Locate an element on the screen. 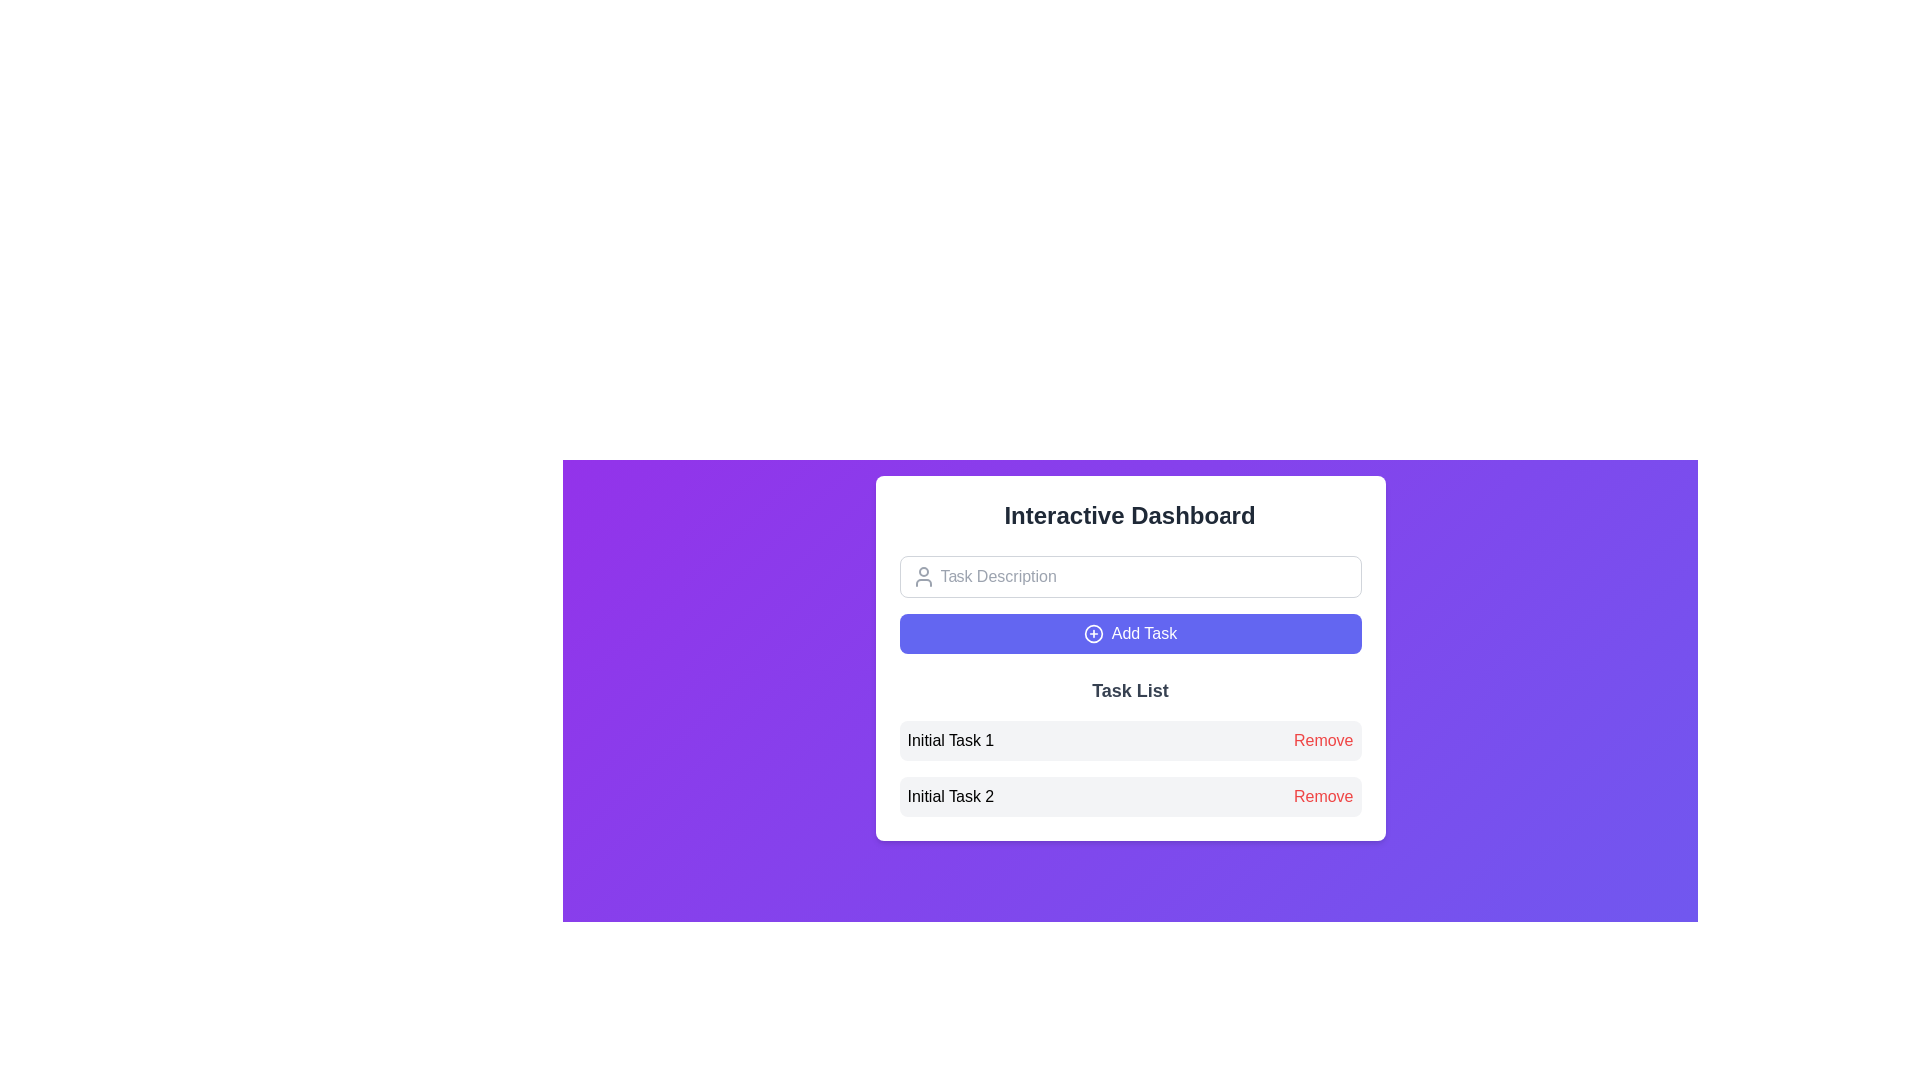  the text label displaying 'Initial Task 2' is located at coordinates (950, 795).